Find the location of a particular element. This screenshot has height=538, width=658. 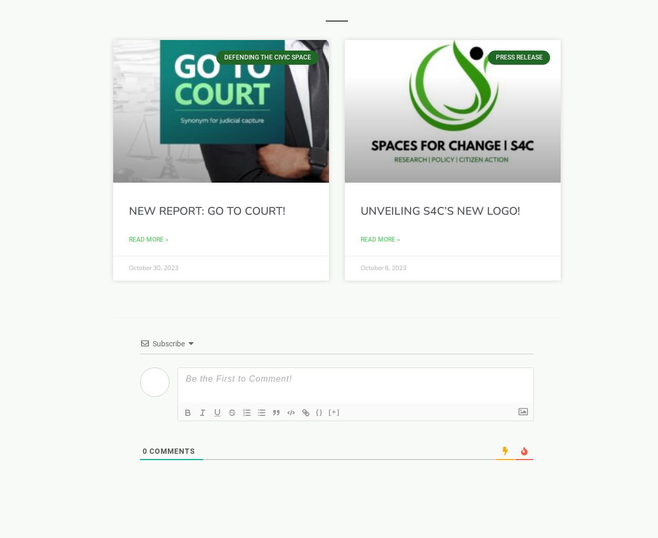

'Press release' is located at coordinates (518, 57).